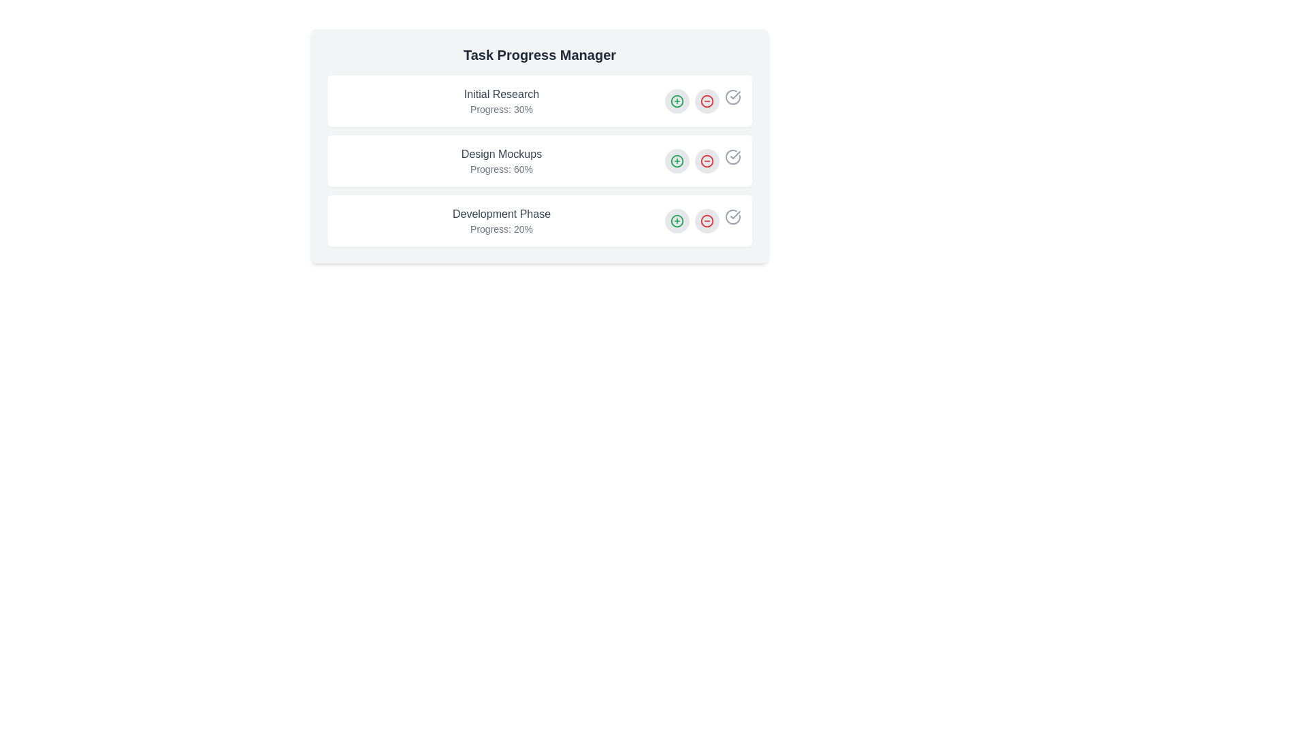  What do you see at coordinates (677, 220) in the screenshot?
I see `the circular button with a gray background and green border, featuring a green plus icon, located in the bottom row of the 'Development Phase' section` at bounding box center [677, 220].